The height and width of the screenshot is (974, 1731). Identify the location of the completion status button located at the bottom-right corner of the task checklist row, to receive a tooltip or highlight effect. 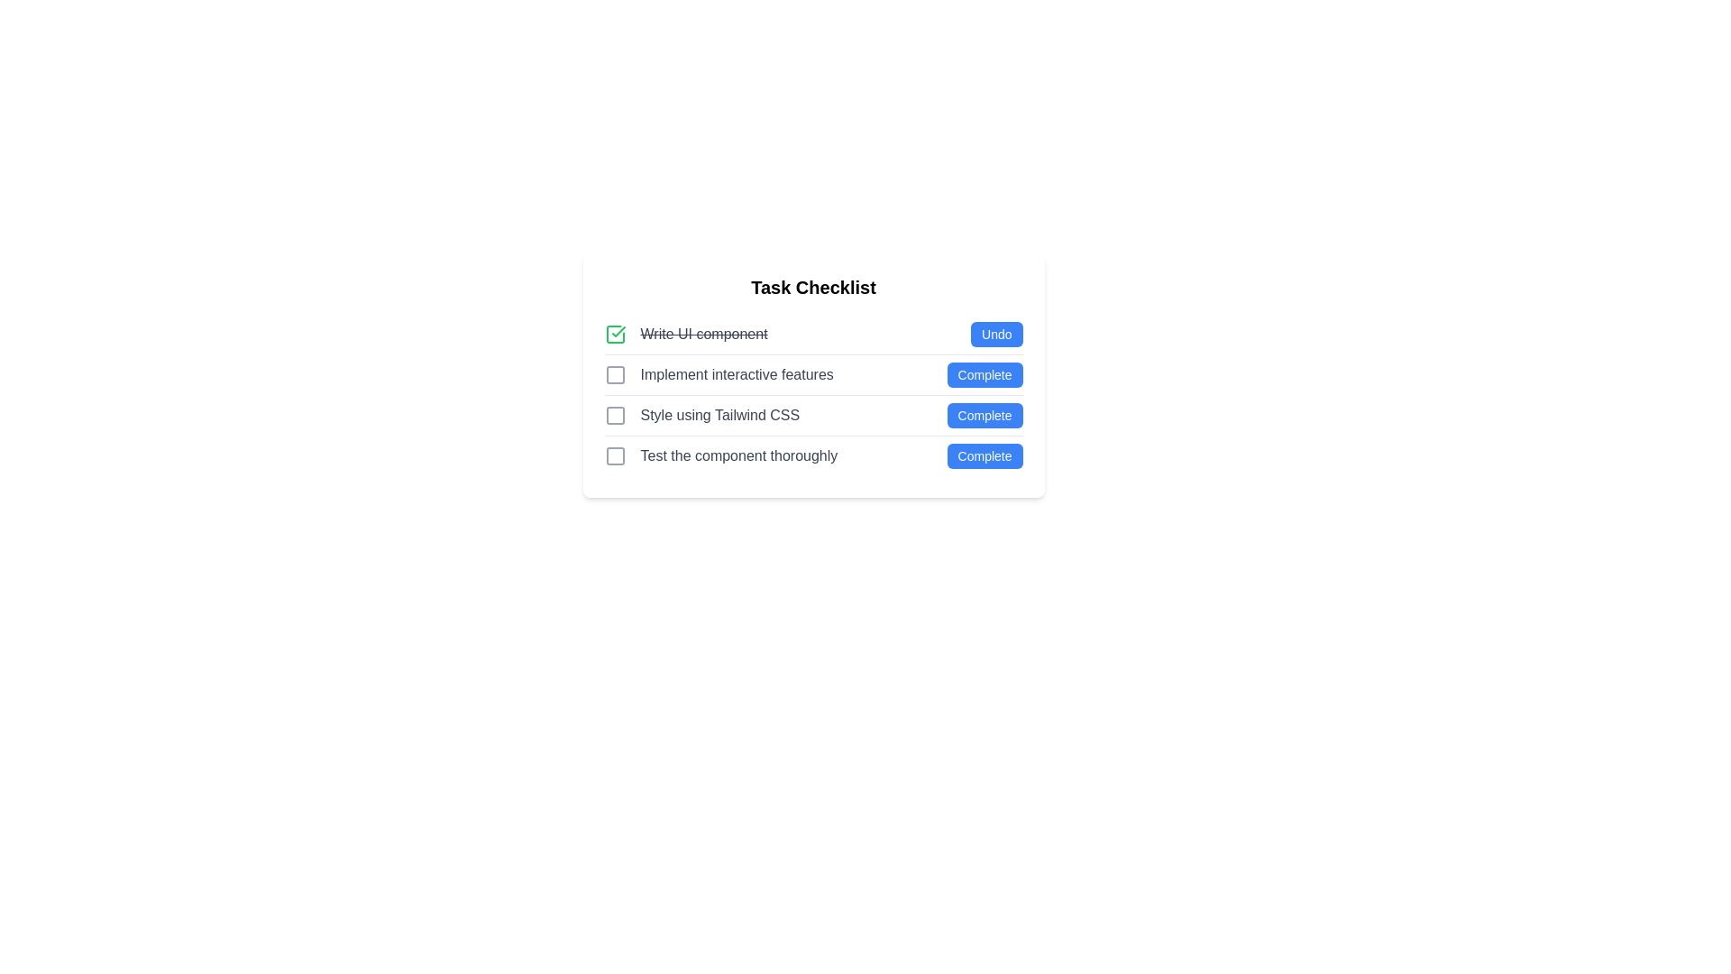
(984, 455).